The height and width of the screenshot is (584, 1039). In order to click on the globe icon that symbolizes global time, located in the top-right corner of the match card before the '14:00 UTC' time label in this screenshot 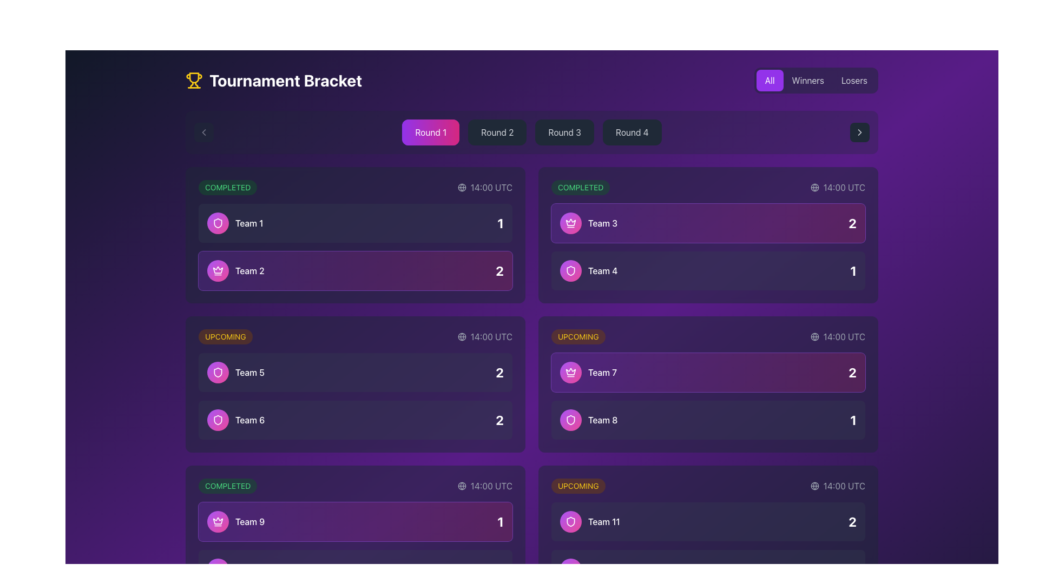, I will do `click(814, 336)`.